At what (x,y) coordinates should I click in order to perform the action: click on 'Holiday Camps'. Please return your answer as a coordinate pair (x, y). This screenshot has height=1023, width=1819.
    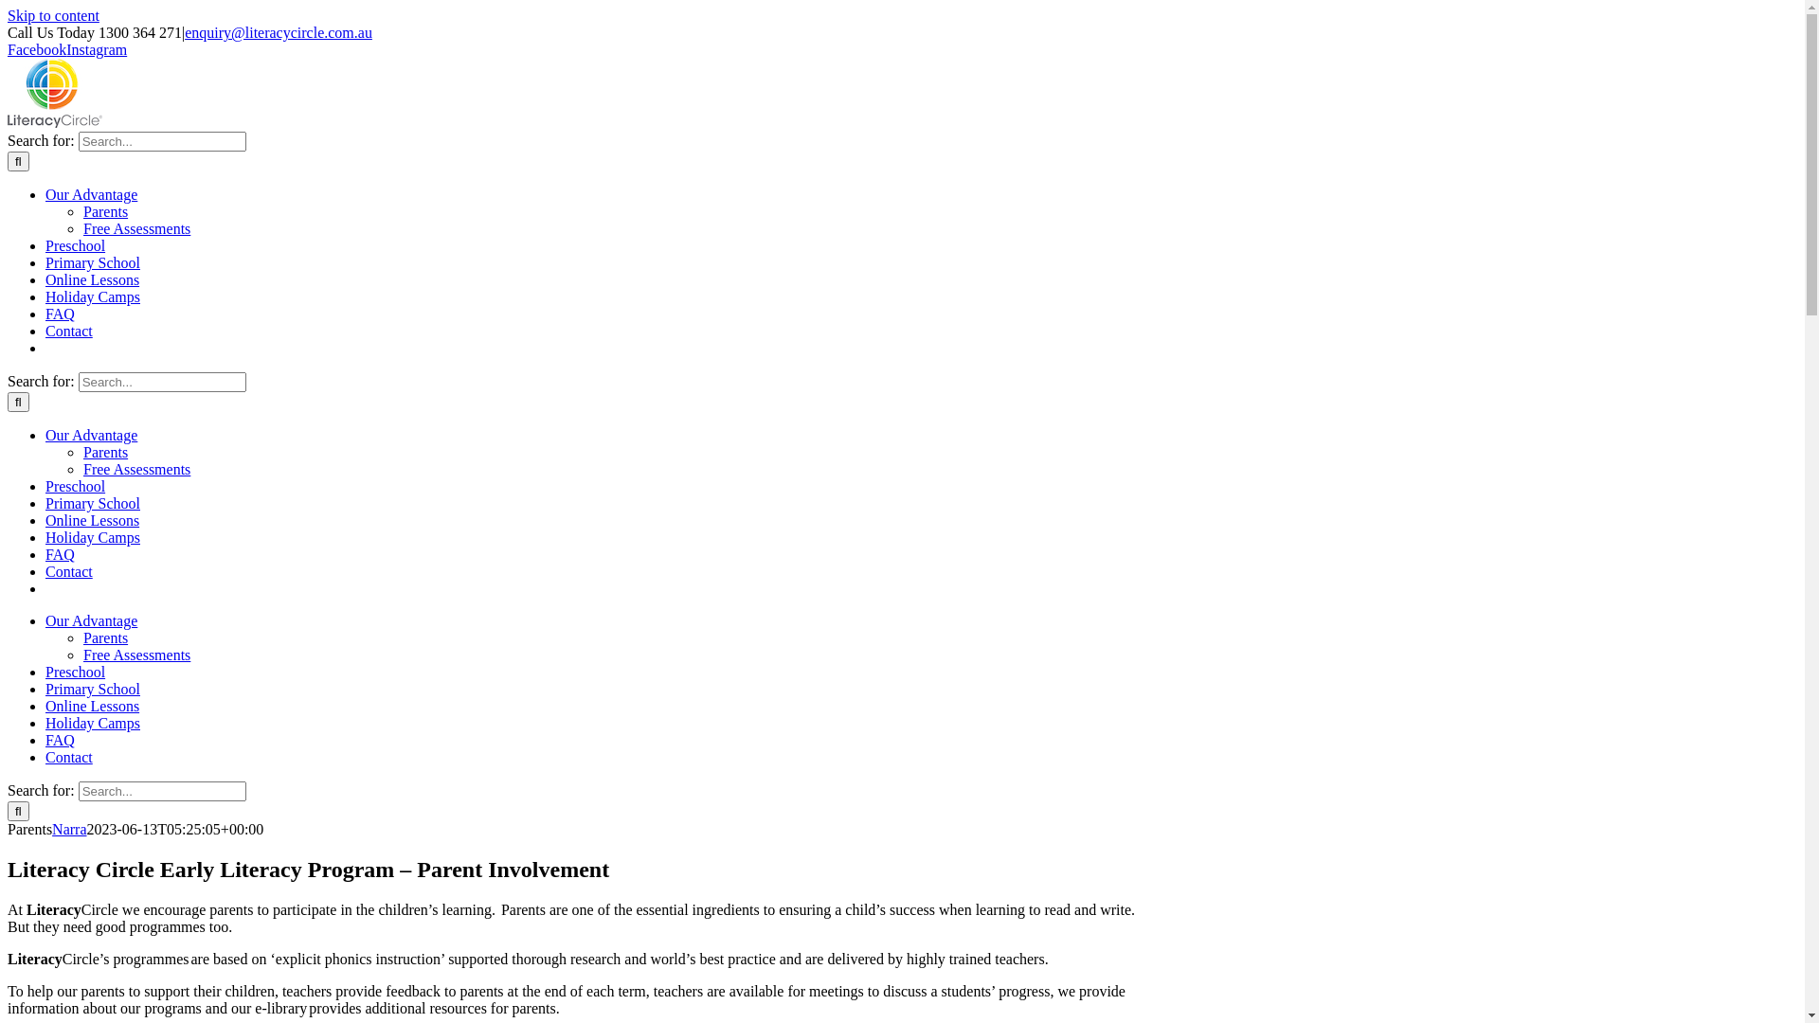
    Looking at the image, I should click on (91, 723).